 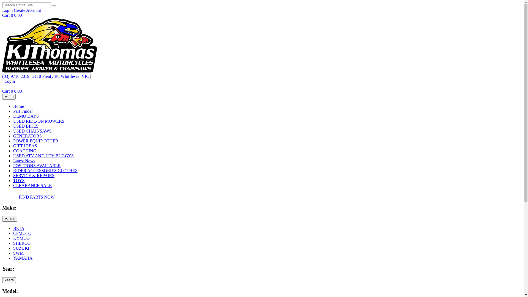 I want to click on 'Years', so click(x=9, y=280).